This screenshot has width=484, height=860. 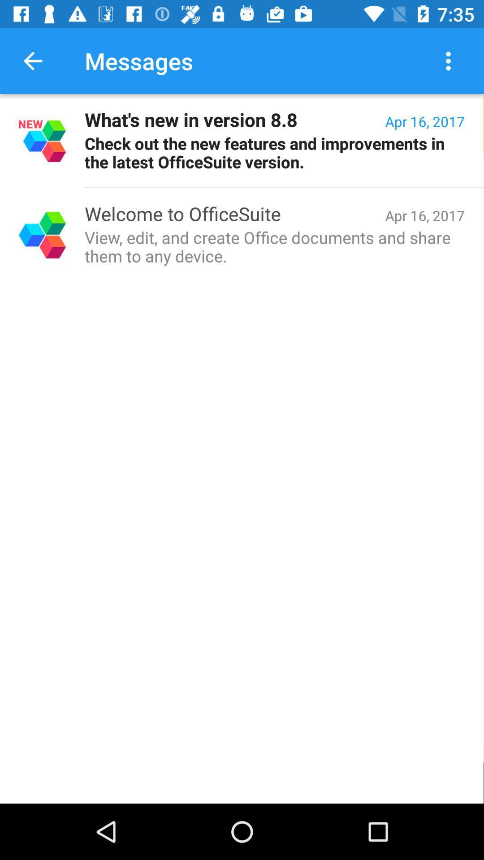 I want to click on app next to messages app, so click(x=32, y=60).